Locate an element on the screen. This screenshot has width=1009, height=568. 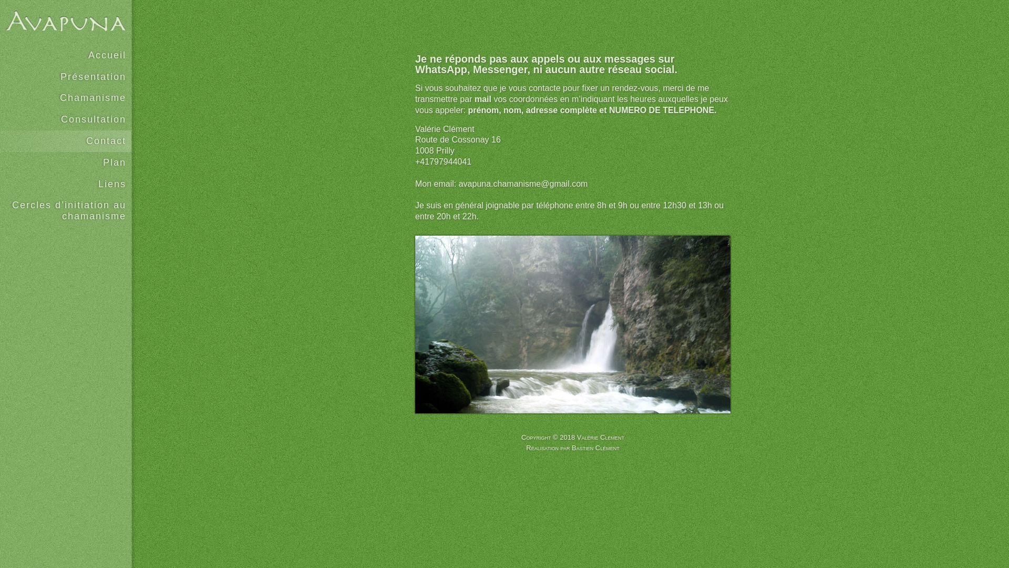
'Accueil' is located at coordinates (65, 55).